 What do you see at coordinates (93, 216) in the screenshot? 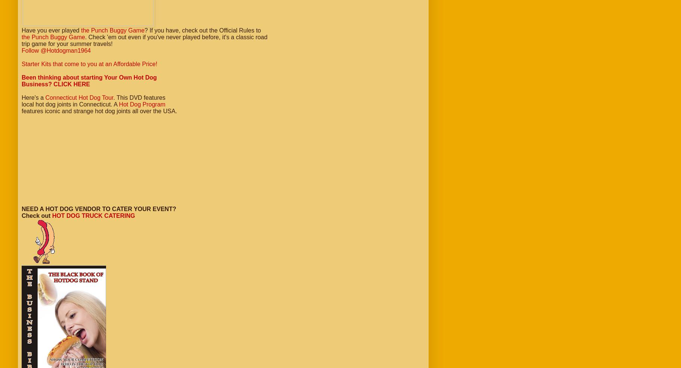
I see `'HOT DOG TRUCK CATERING'` at bounding box center [93, 216].